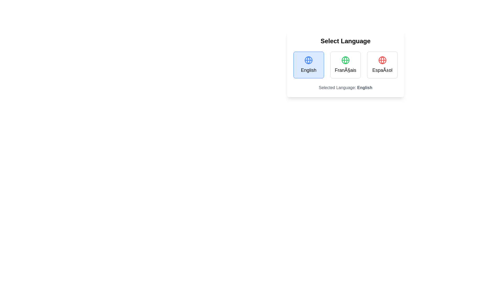 The height and width of the screenshot is (283, 503). What do you see at coordinates (382, 64) in the screenshot?
I see `the language Español by clicking on its corresponding button` at bounding box center [382, 64].